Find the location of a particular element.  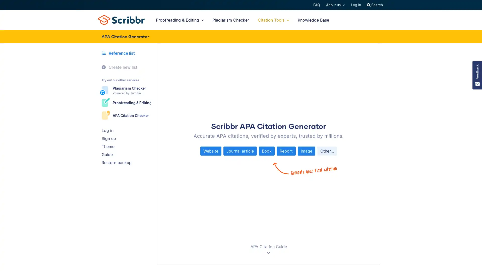

Log in is located at coordinates (128, 130).